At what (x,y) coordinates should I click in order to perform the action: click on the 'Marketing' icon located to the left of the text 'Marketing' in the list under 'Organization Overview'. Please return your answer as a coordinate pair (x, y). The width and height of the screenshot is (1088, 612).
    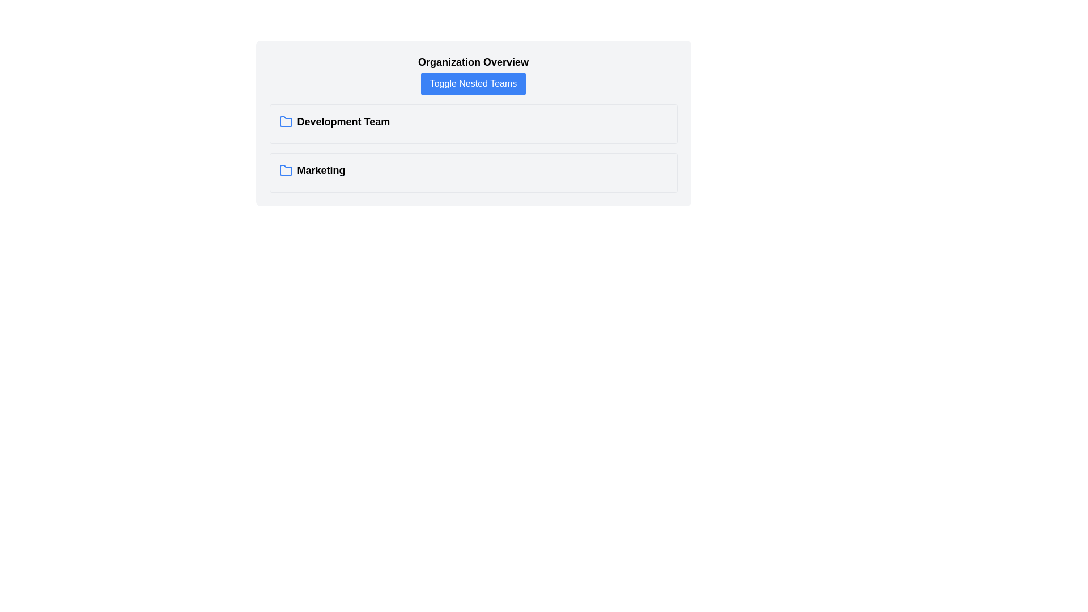
    Looking at the image, I should click on (286, 170).